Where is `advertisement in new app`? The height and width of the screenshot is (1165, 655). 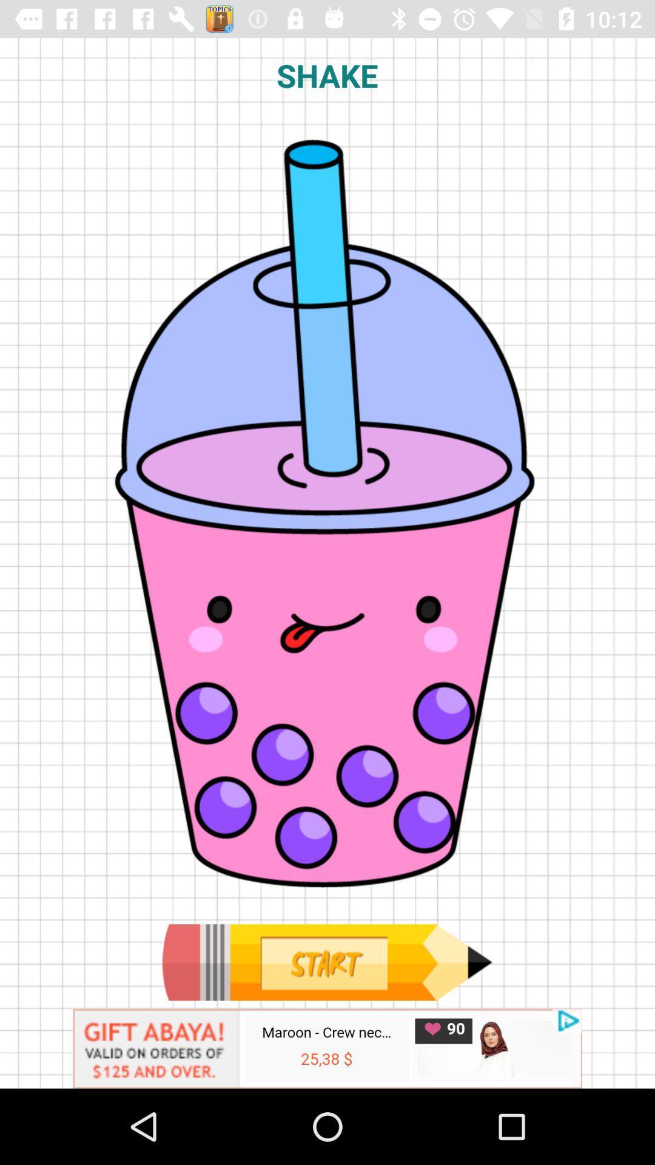 advertisement in new app is located at coordinates (327, 1048).